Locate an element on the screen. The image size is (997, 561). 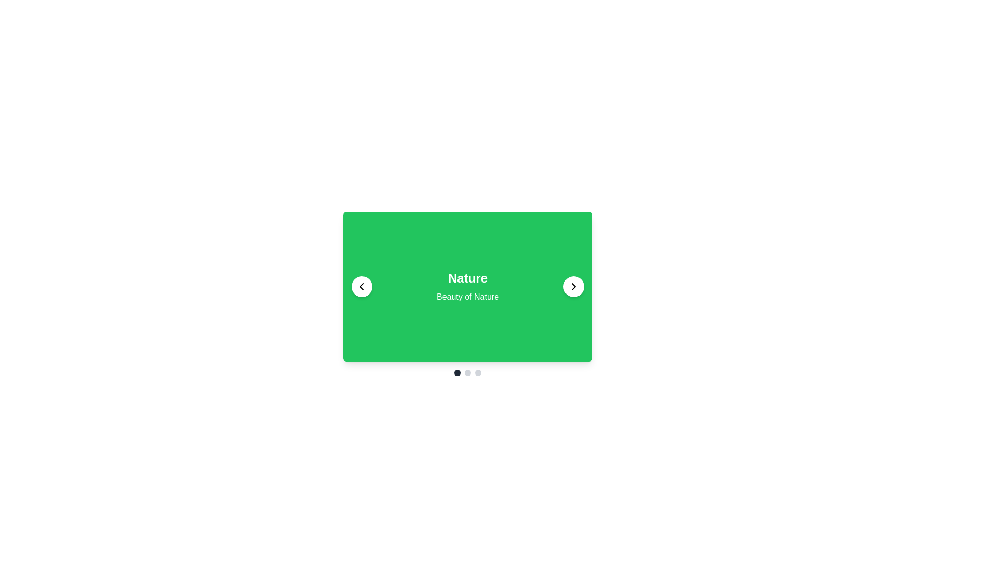
the green banner element displaying 'Nature' in bold white font and 'Beauty of Nature' below it is located at coordinates (467, 286).